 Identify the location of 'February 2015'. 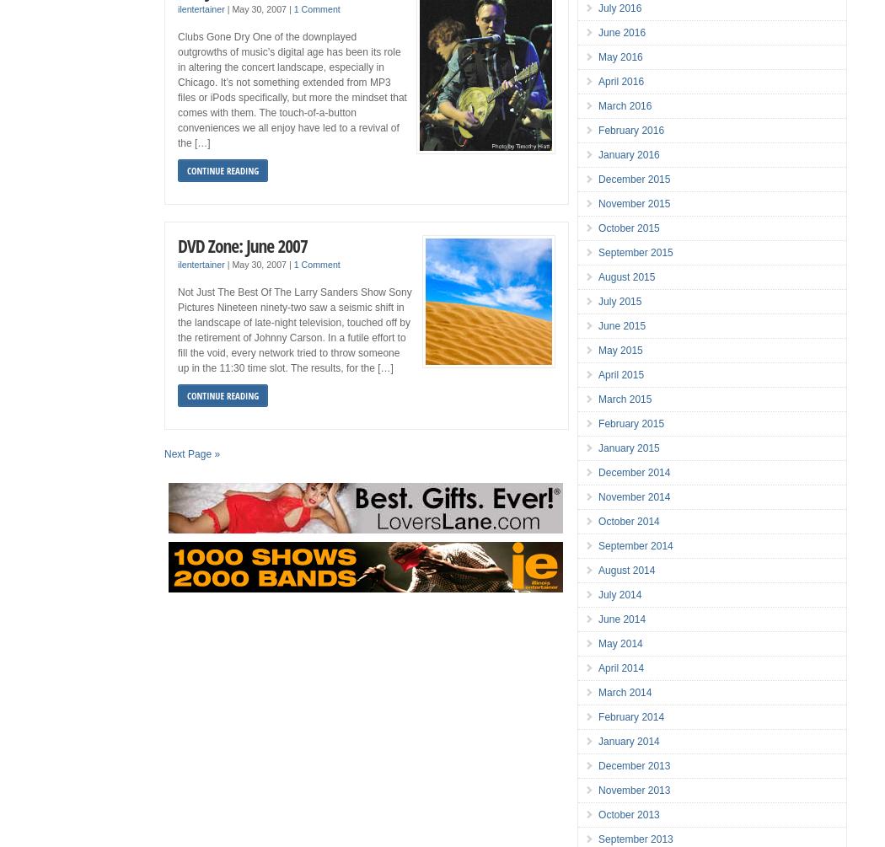
(598, 423).